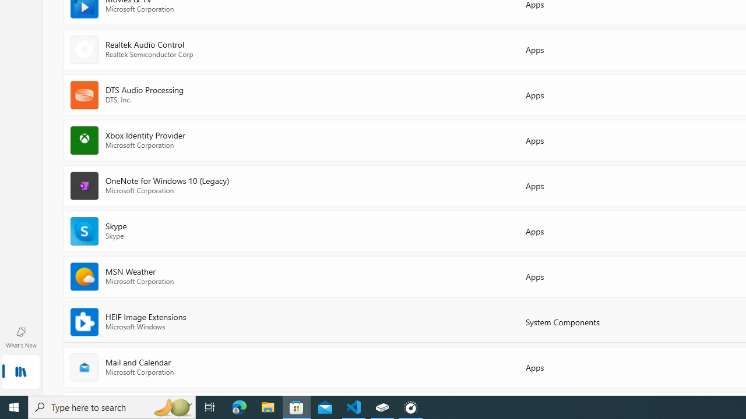  What do you see at coordinates (20, 336) in the screenshot?
I see `'What'` at bounding box center [20, 336].